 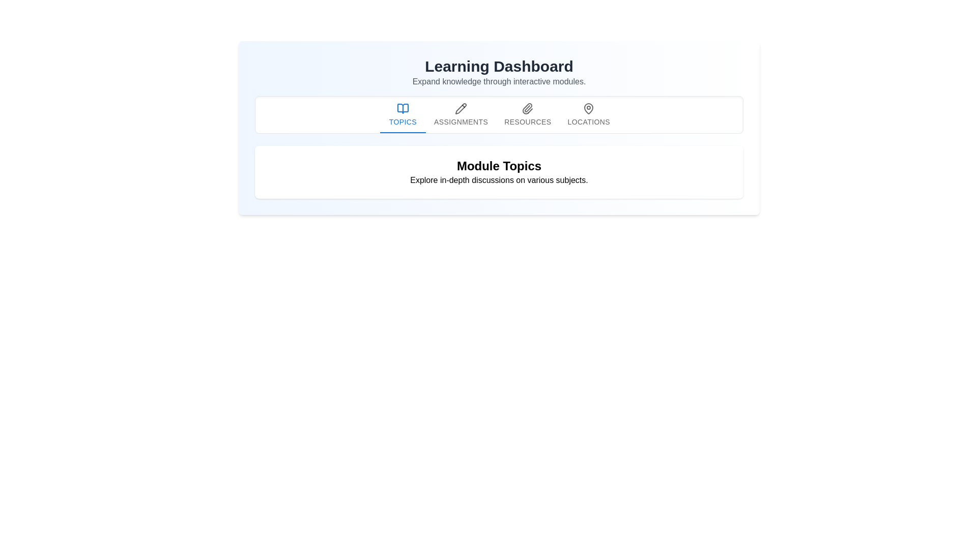 I want to click on the Tab Bar Navigation Component, so click(x=499, y=114).